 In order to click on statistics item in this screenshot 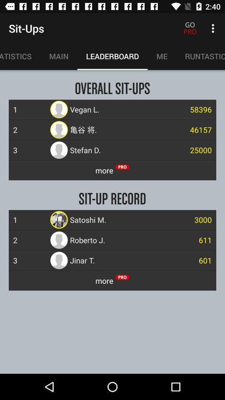, I will do `click(20, 56)`.